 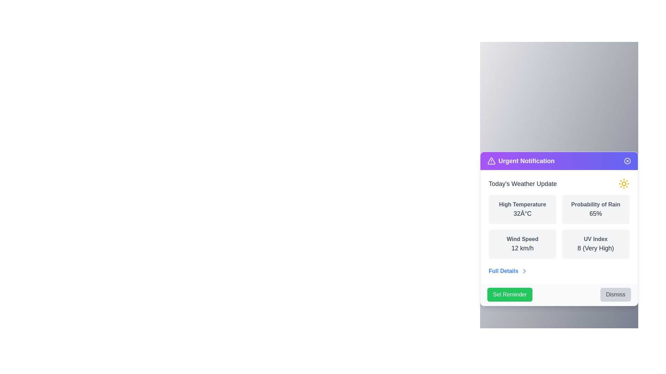 I want to click on information displayed on the 'UV Index' information card, which is the fourth card in a 2x2 grid layout, featuring 'UV Index' in bold gray font and '8 (Very High)' in a larger, darker font, so click(x=595, y=244).